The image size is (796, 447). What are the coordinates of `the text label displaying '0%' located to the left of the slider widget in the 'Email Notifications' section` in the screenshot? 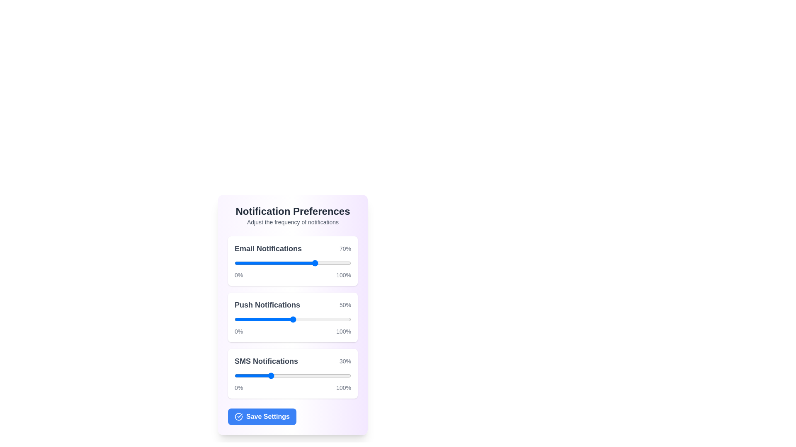 It's located at (238, 275).